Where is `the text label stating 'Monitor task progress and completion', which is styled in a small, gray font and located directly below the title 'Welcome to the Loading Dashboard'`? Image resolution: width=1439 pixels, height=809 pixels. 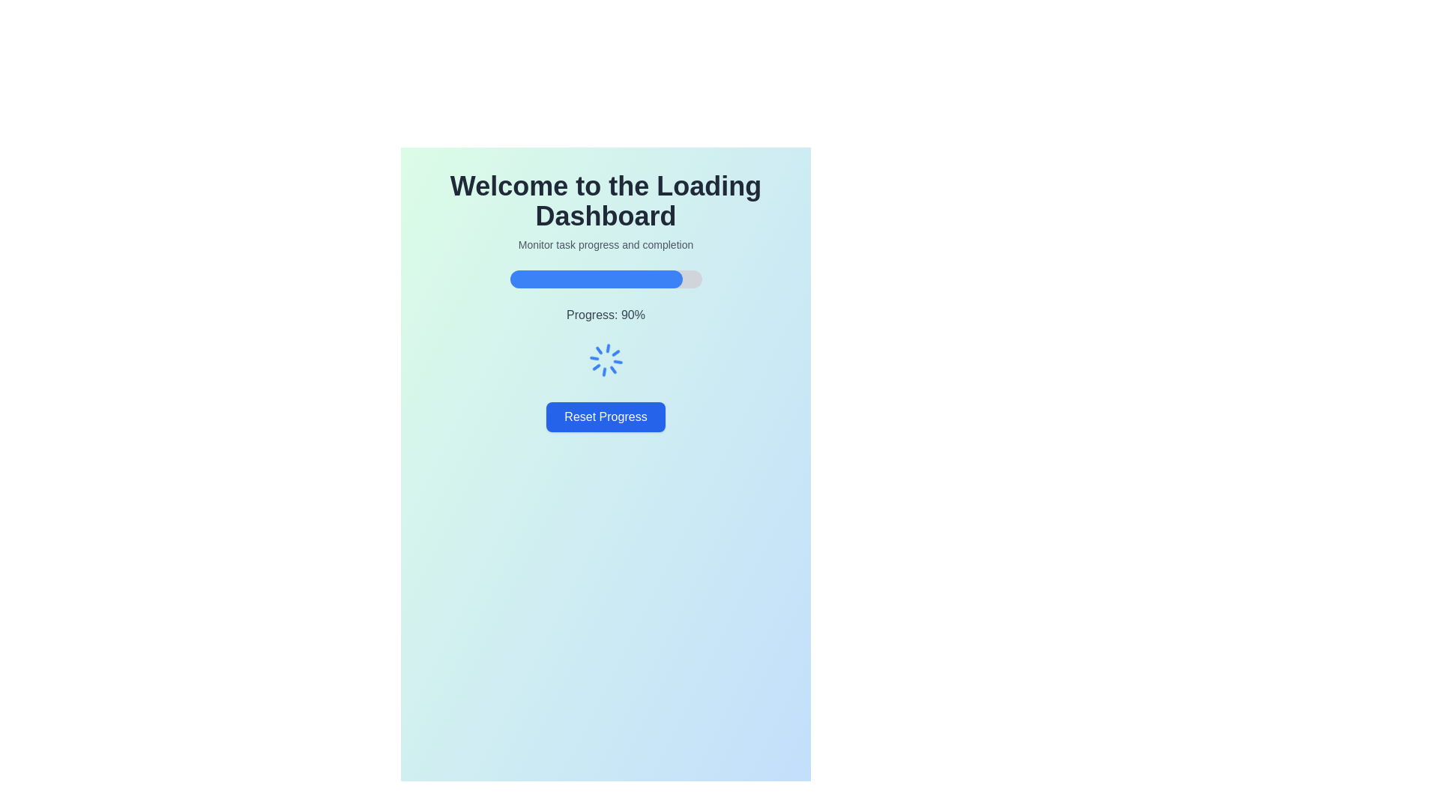
the text label stating 'Monitor task progress and completion', which is styled in a small, gray font and located directly below the title 'Welcome to the Loading Dashboard' is located at coordinates (606, 244).